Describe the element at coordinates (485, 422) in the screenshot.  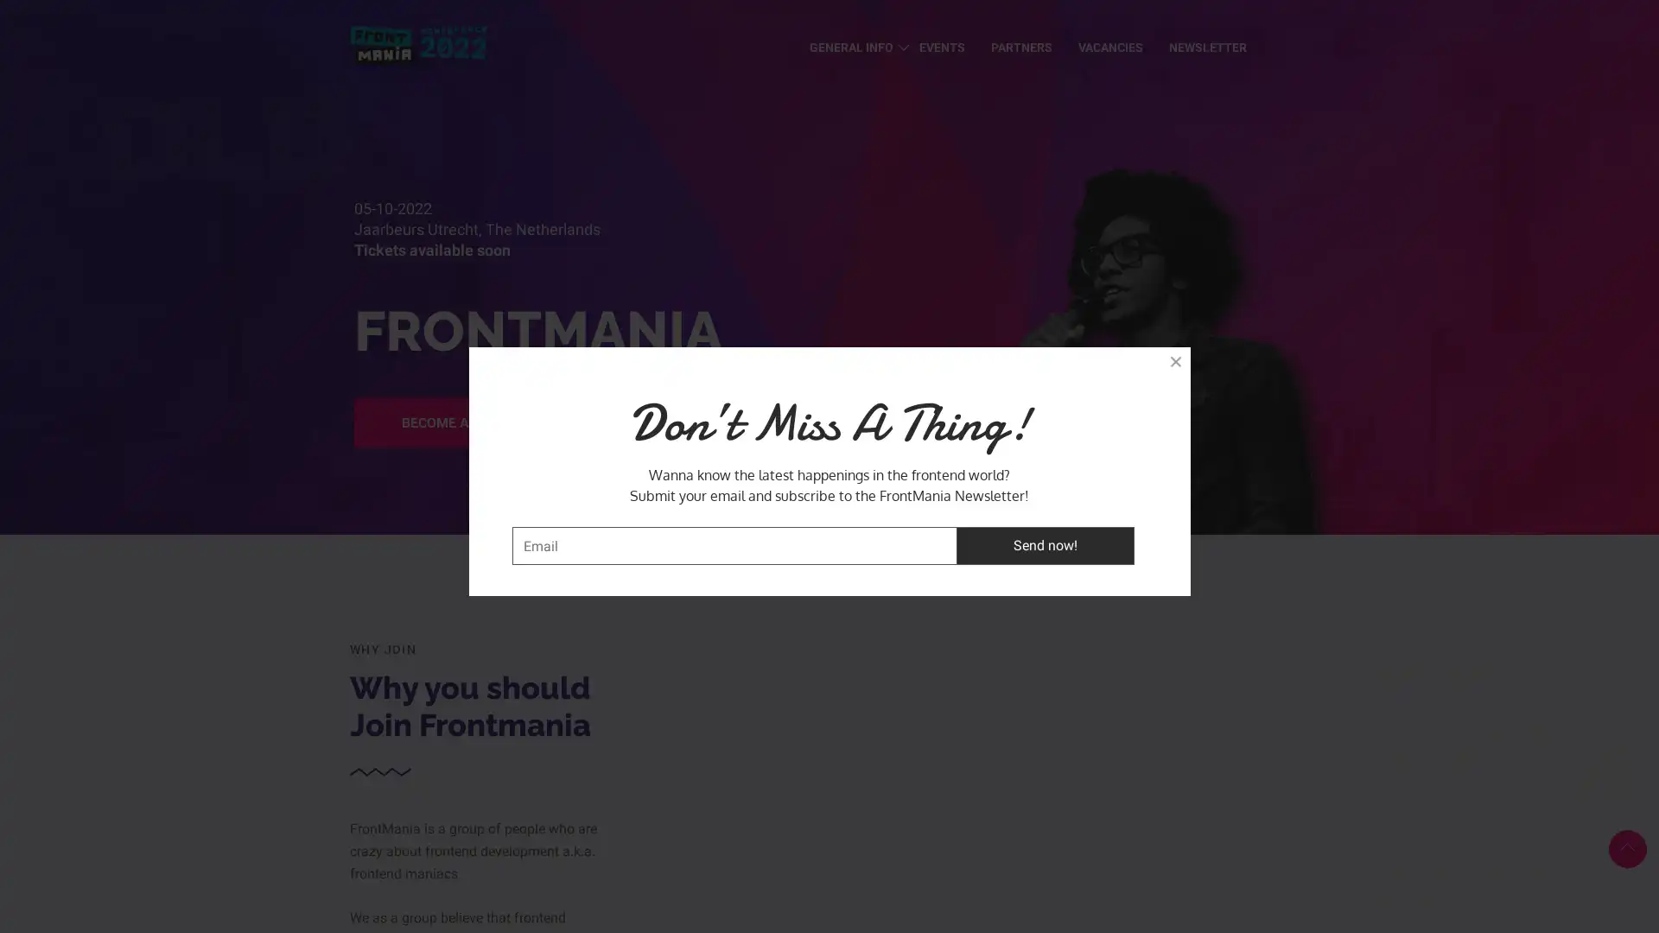
I see `BECOME A FRONTMANIAC` at that location.